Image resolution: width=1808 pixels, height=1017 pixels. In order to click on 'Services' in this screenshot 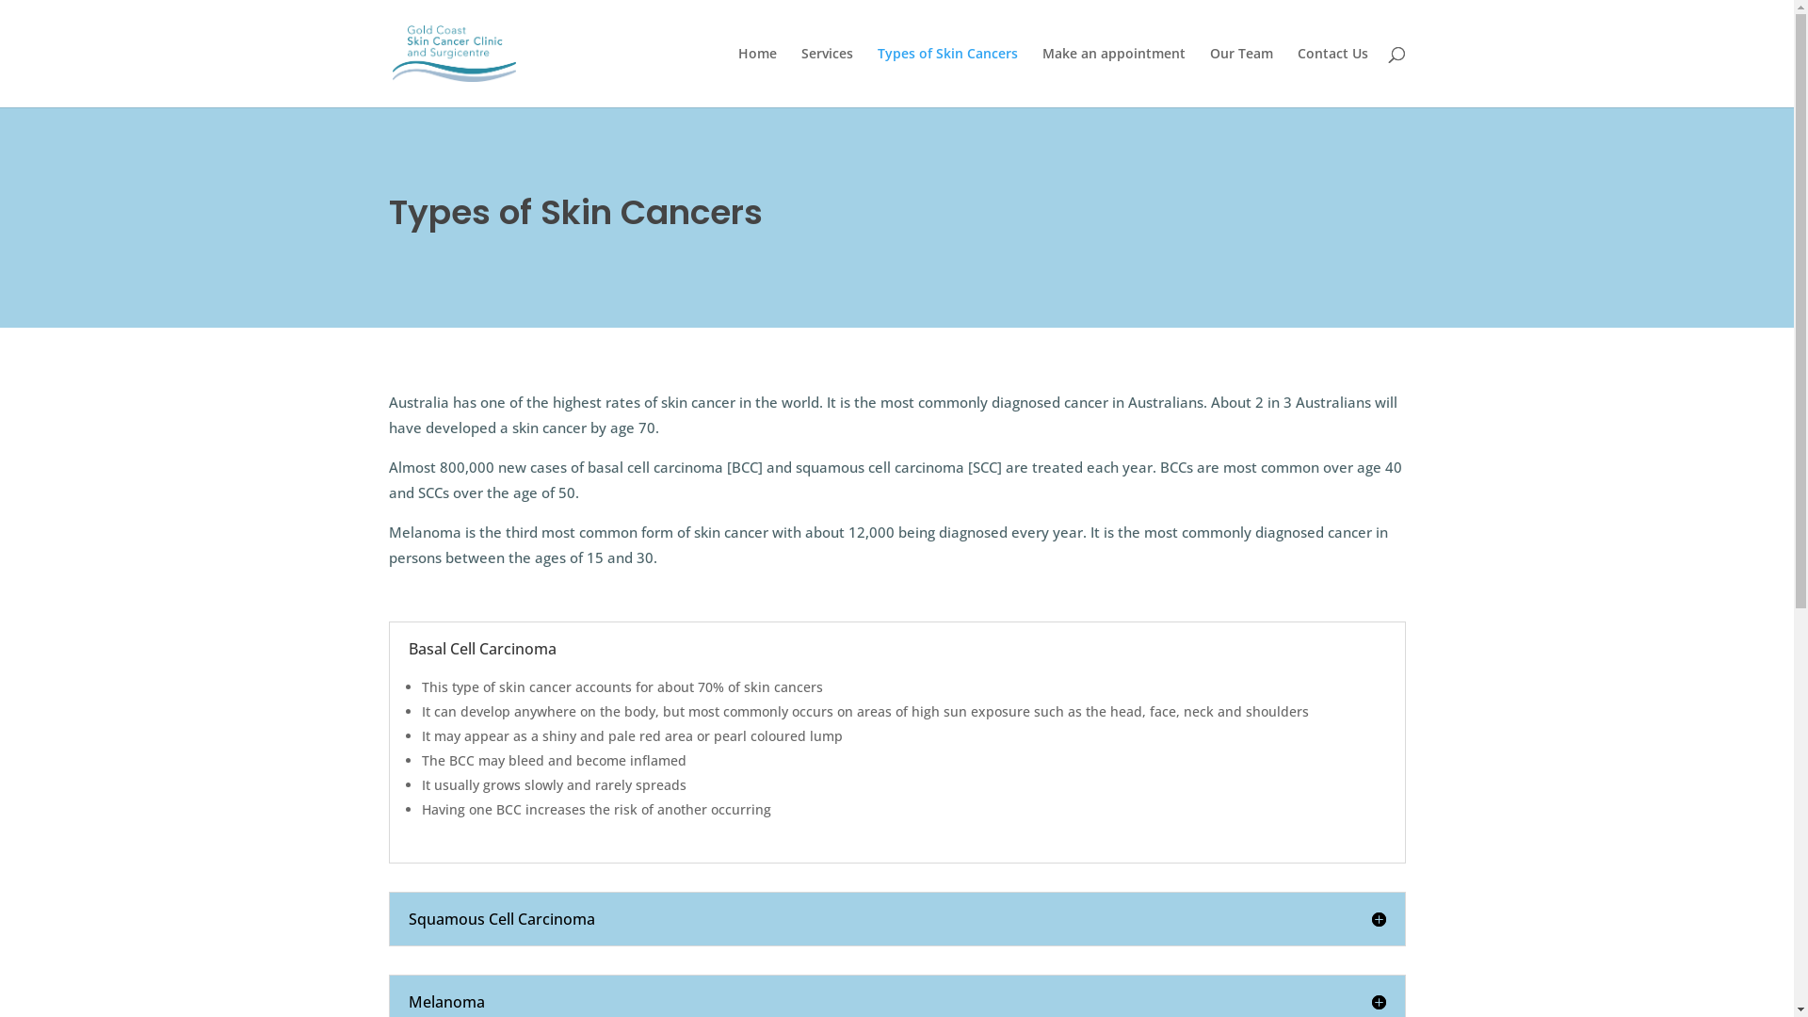, I will do `click(826, 75)`.